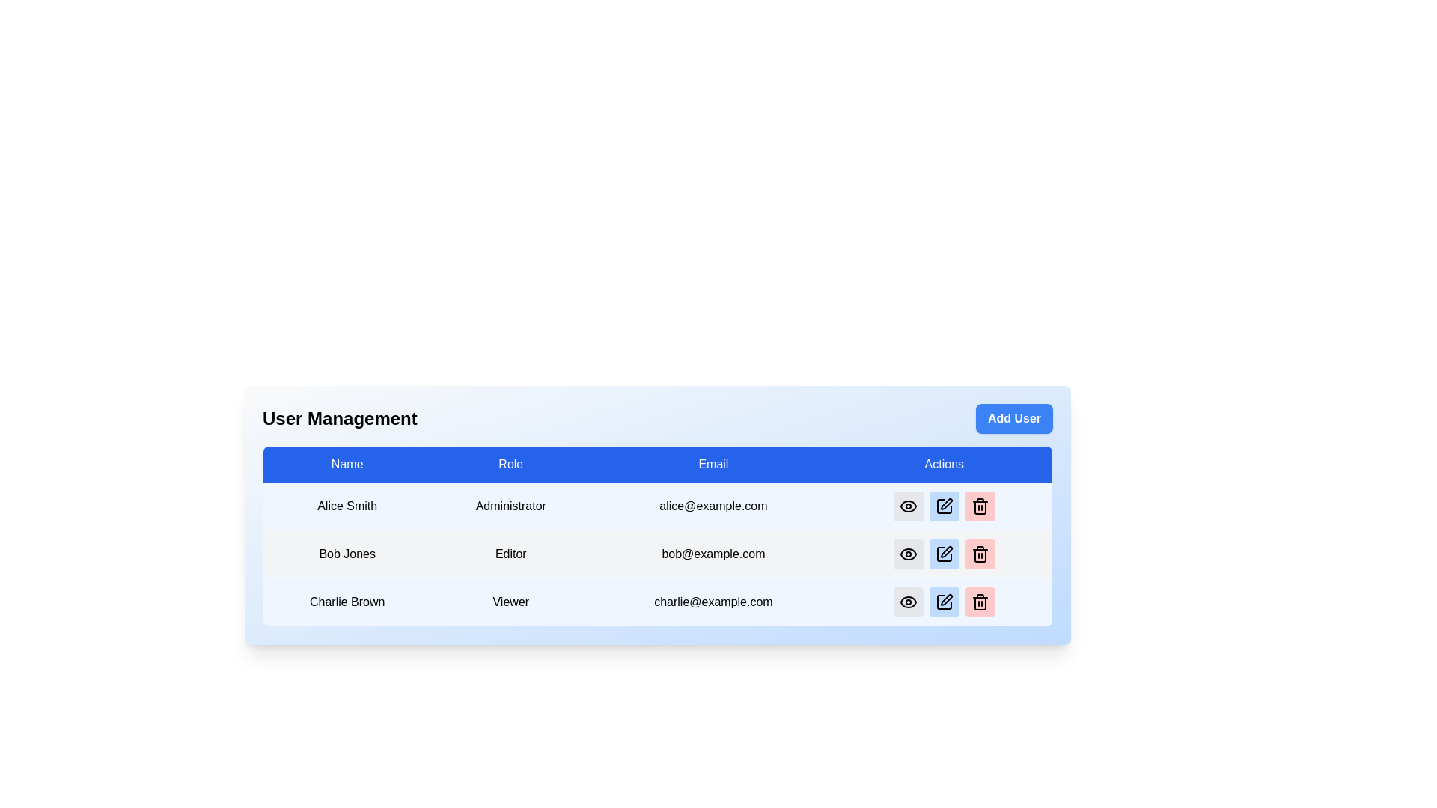  What do you see at coordinates (943, 554) in the screenshot?
I see `the edit button associated with user 'Bob Jones' in the second row of the user management table to initiate the edit action` at bounding box center [943, 554].